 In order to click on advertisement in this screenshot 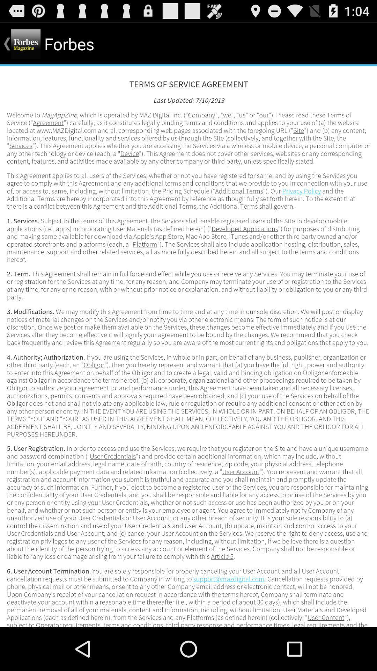, I will do `click(188, 346)`.